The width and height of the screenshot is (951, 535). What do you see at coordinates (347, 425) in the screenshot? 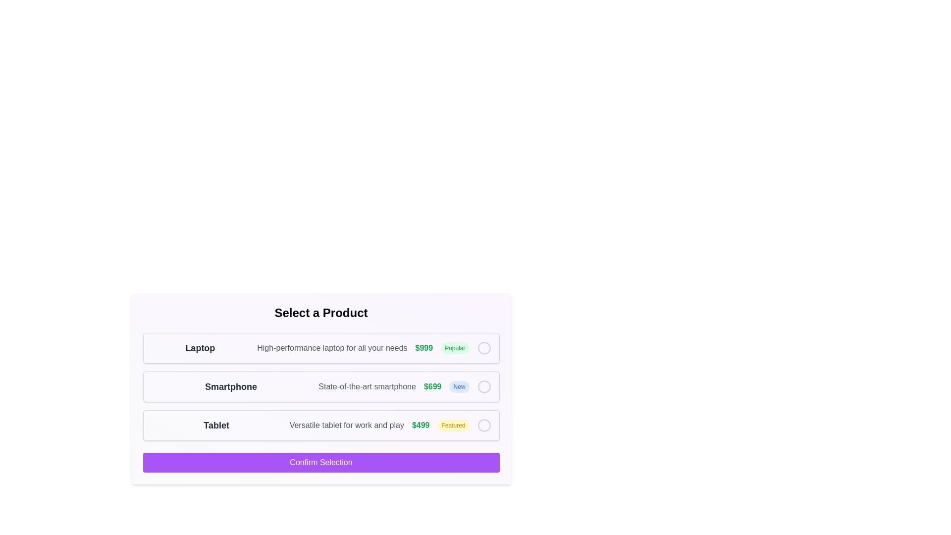
I see `the Text Label that describes the 'Tablet' product, positioned between the title 'Tablet' and the price '$499'` at bounding box center [347, 425].